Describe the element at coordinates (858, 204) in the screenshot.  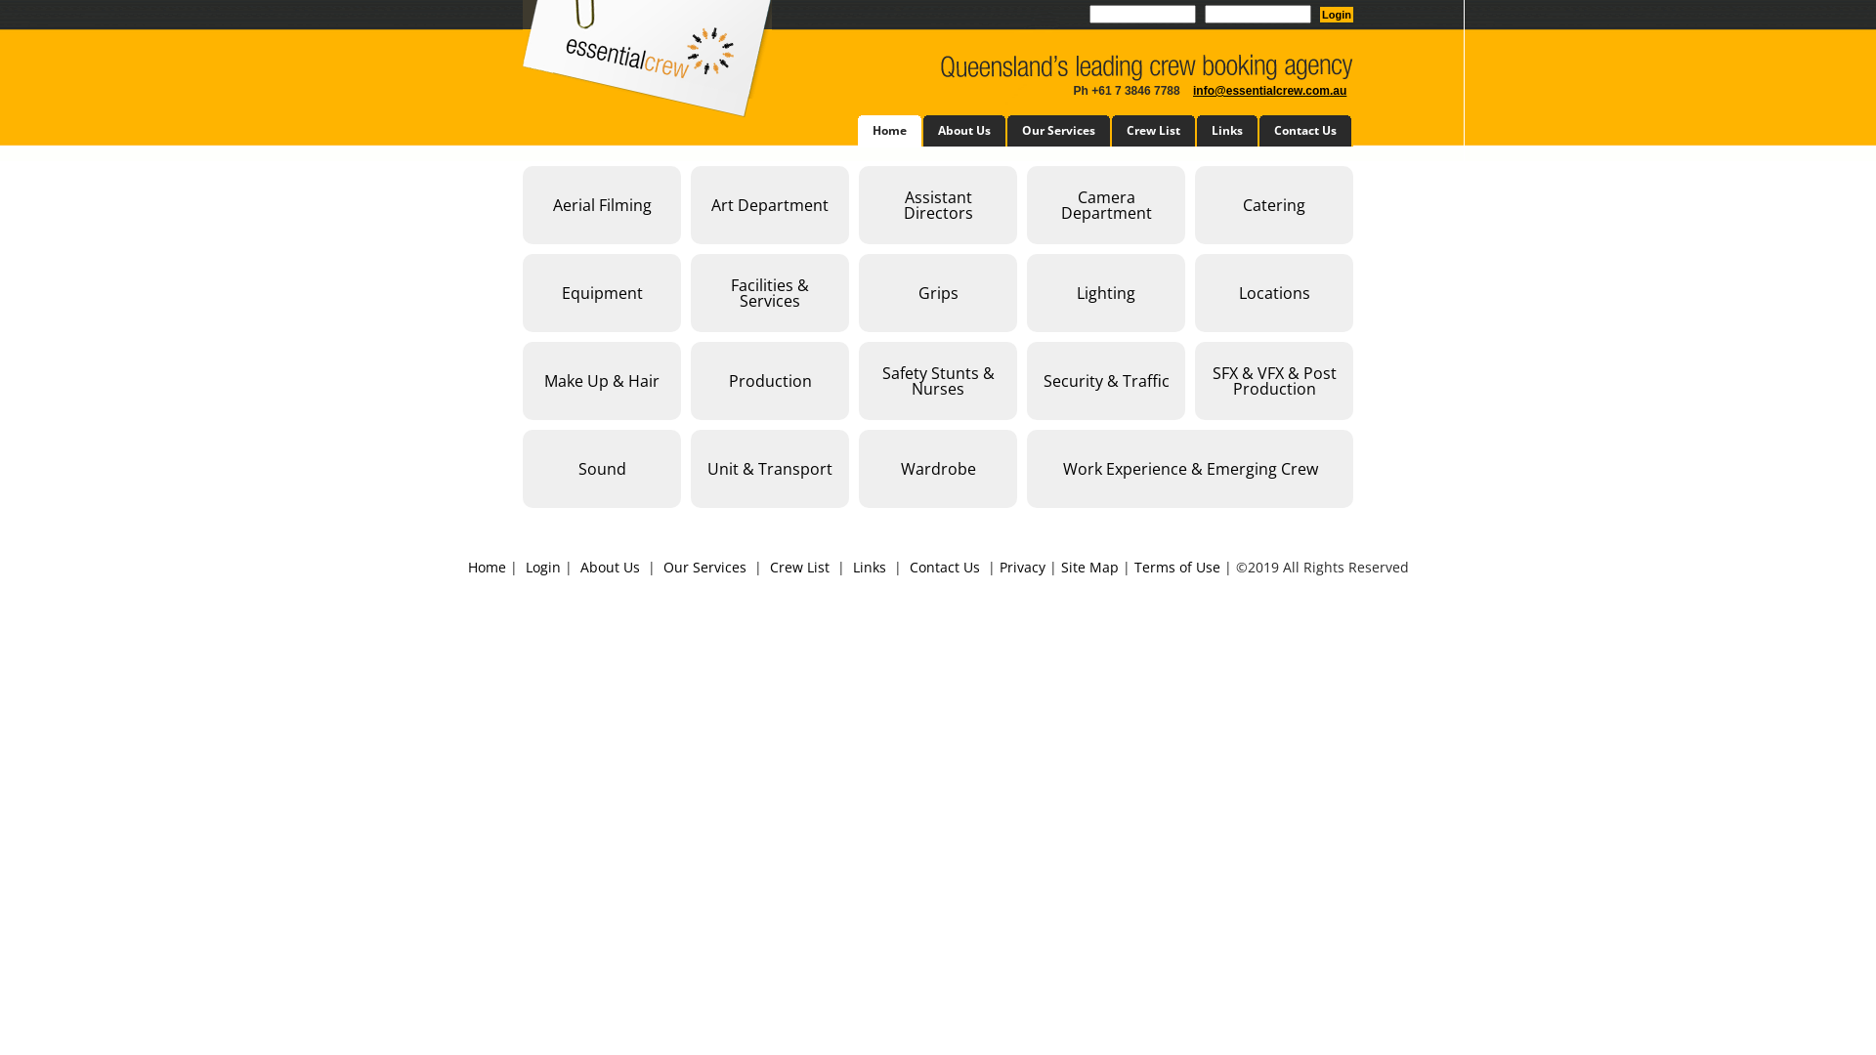
I see `'Assistant Directors'` at that location.